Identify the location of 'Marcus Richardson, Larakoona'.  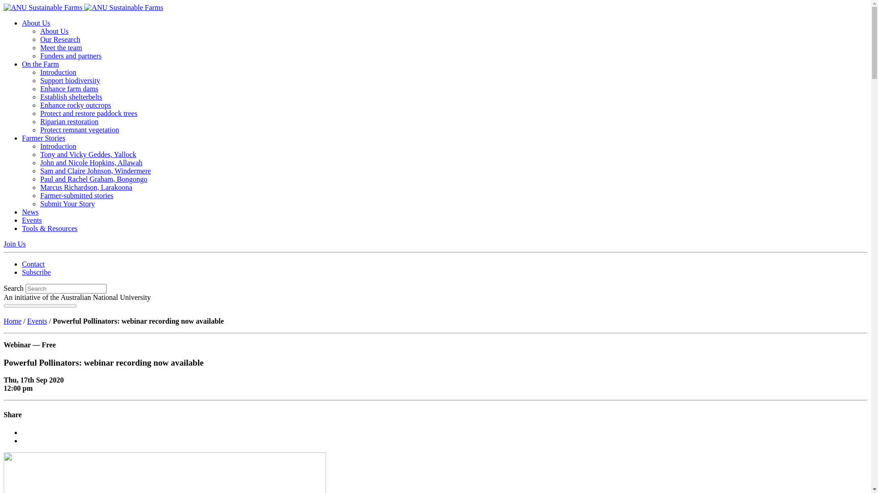
(86, 187).